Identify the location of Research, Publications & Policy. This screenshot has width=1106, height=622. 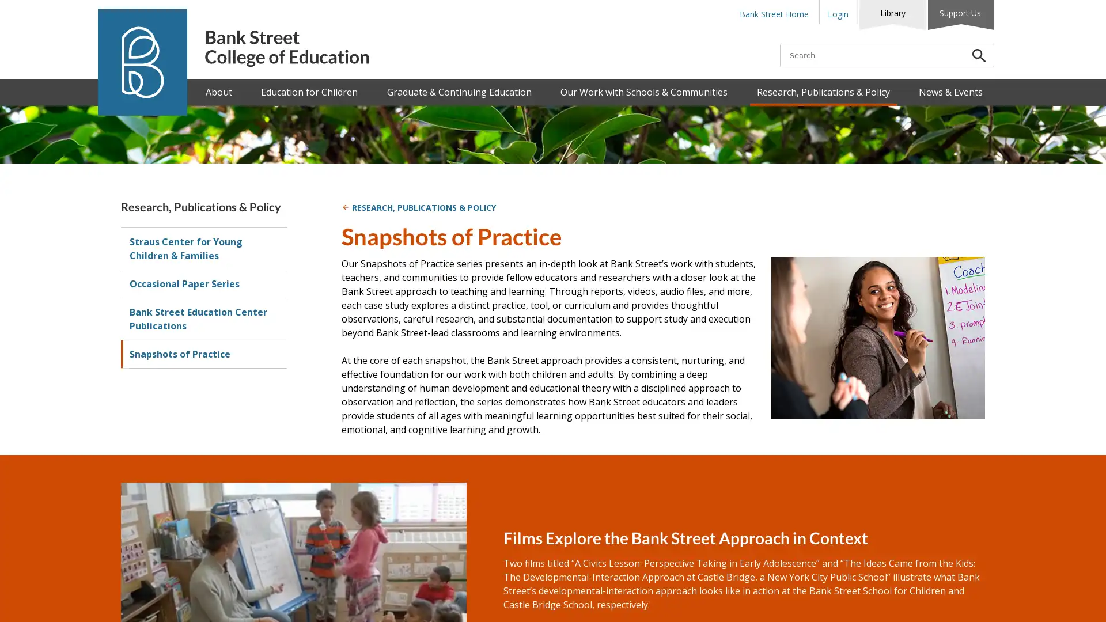
(822, 92).